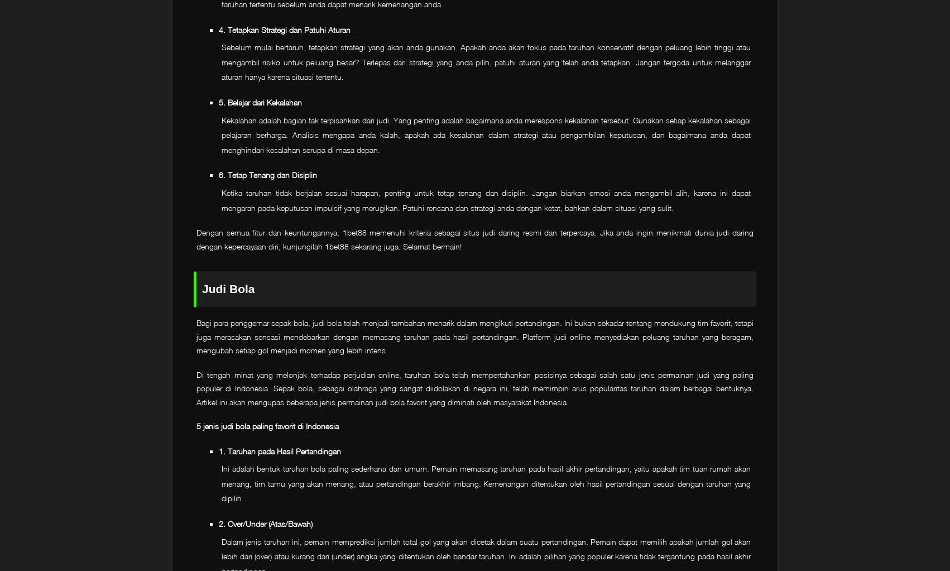 This screenshot has height=571, width=950. Describe the element at coordinates (284, 28) in the screenshot. I see `'4. Tetapkan Strategi dan Patuhi Aturan'` at that location.